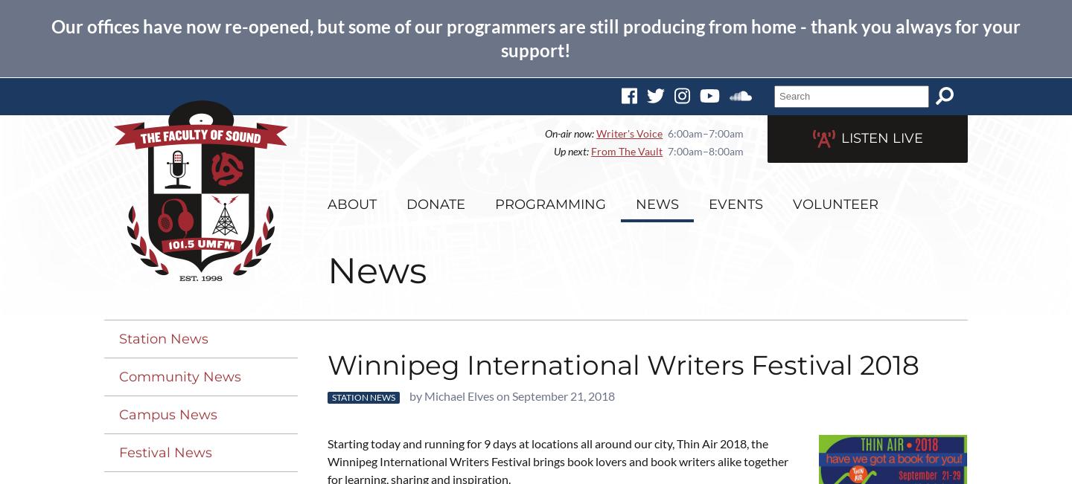 The height and width of the screenshot is (484, 1072). Describe the element at coordinates (409, 396) in the screenshot. I see `'by Michael Elves on September 21, 2018'` at that location.